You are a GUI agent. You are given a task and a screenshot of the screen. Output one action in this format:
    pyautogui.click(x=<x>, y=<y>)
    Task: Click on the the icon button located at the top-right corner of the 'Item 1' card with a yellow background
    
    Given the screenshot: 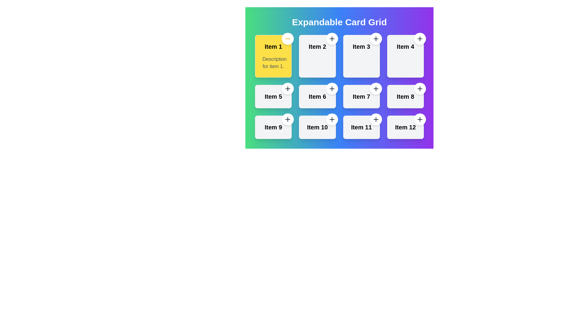 What is the action you would take?
    pyautogui.click(x=287, y=39)
    